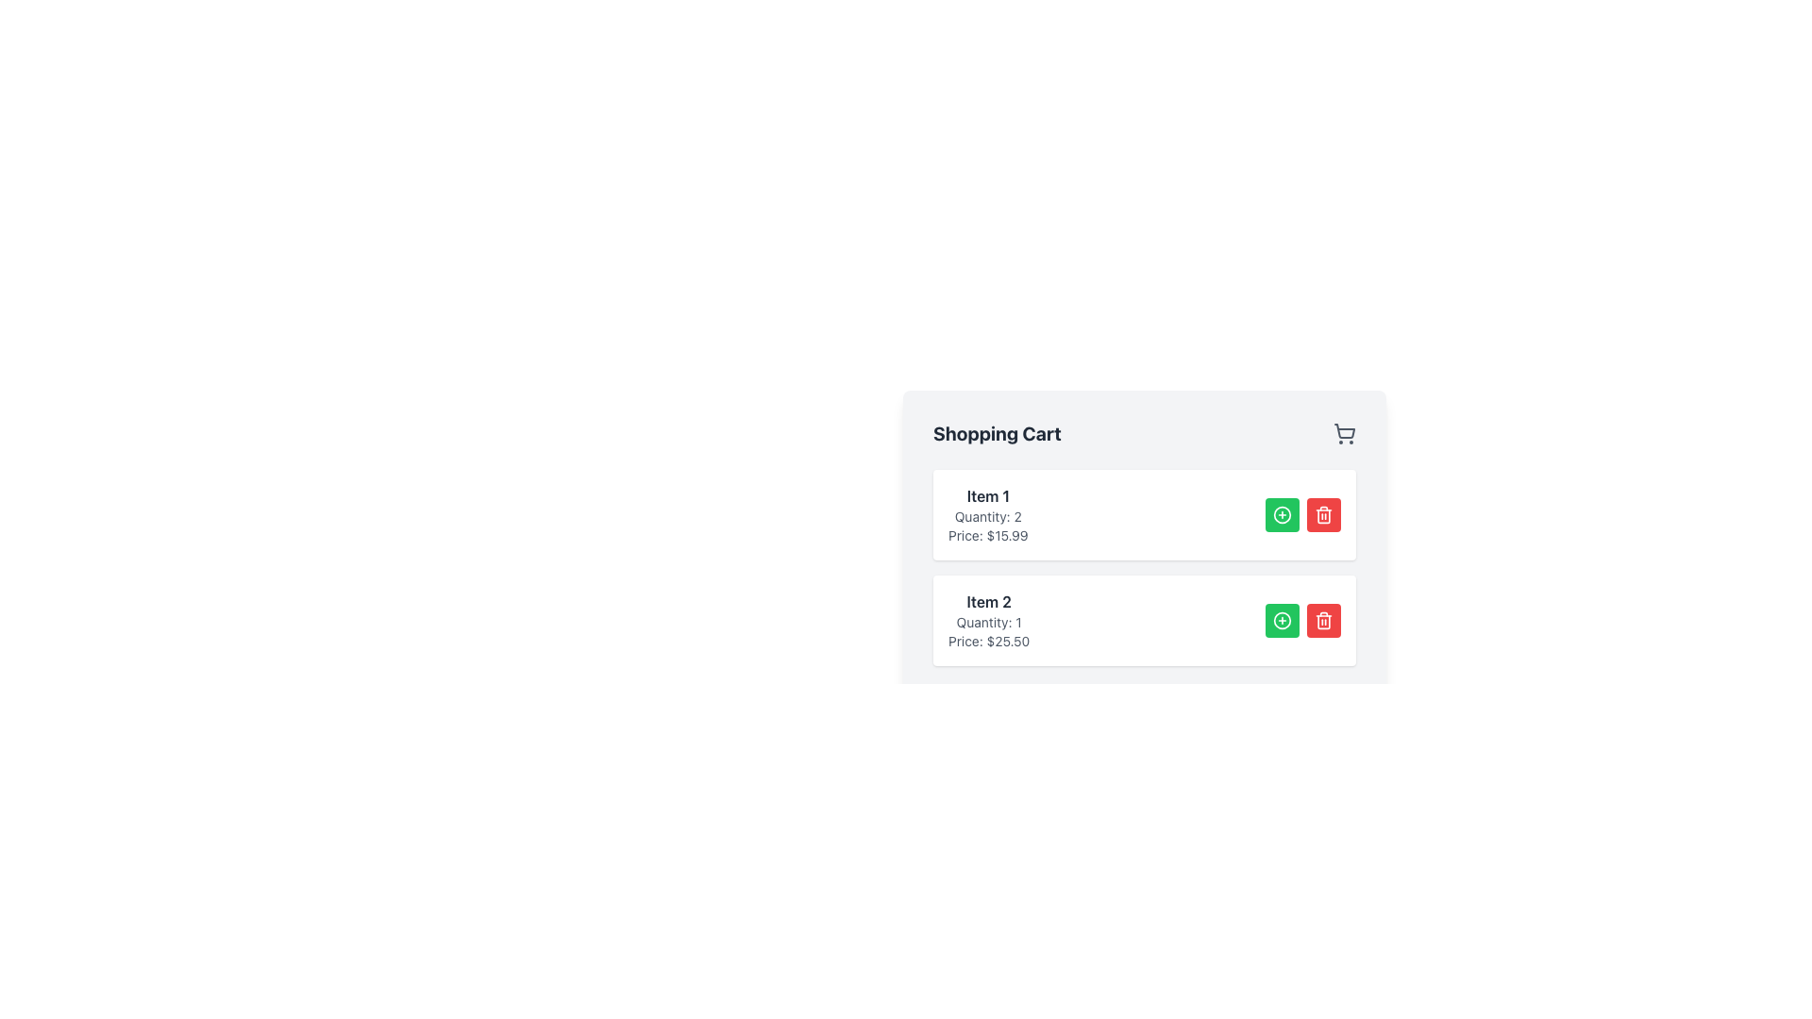 Image resolution: width=1812 pixels, height=1019 pixels. Describe the element at coordinates (1344, 433) in the screenshot. I see `the shopping cart icon located in the upper right section of the shopping cart interface, aligned with the header text 'Shopping Cart.'` at that location.